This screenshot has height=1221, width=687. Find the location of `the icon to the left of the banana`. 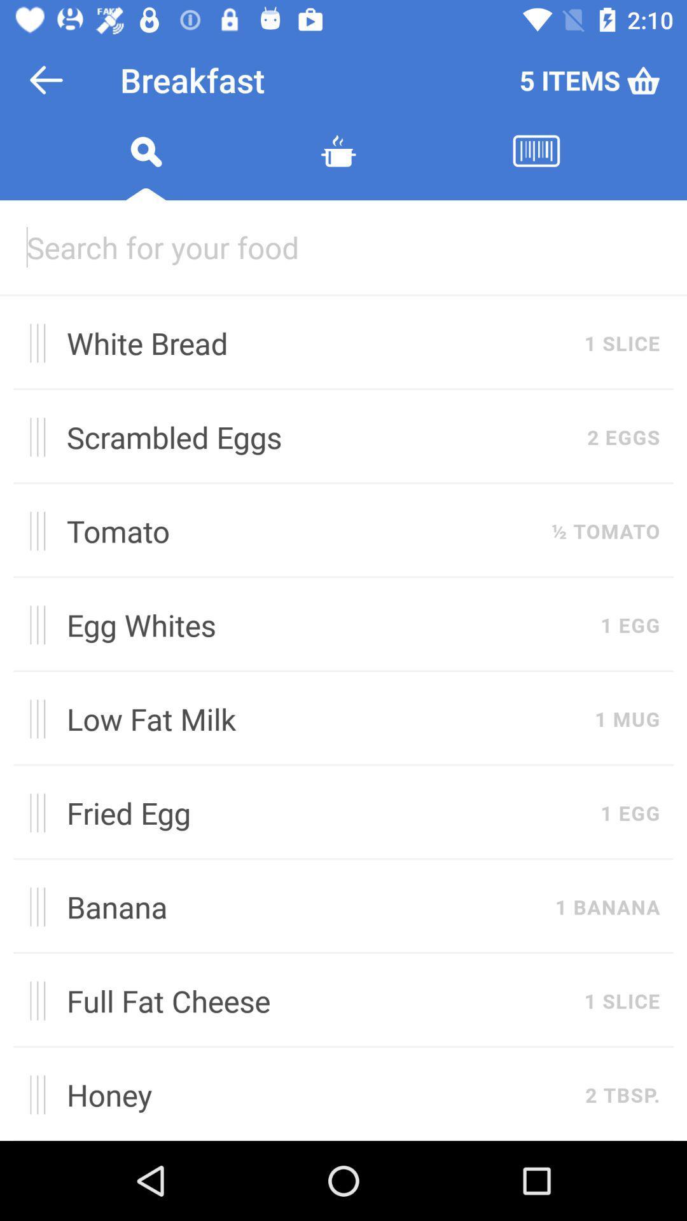

the icon to the left of the banana is located at coordinates (32, 906).